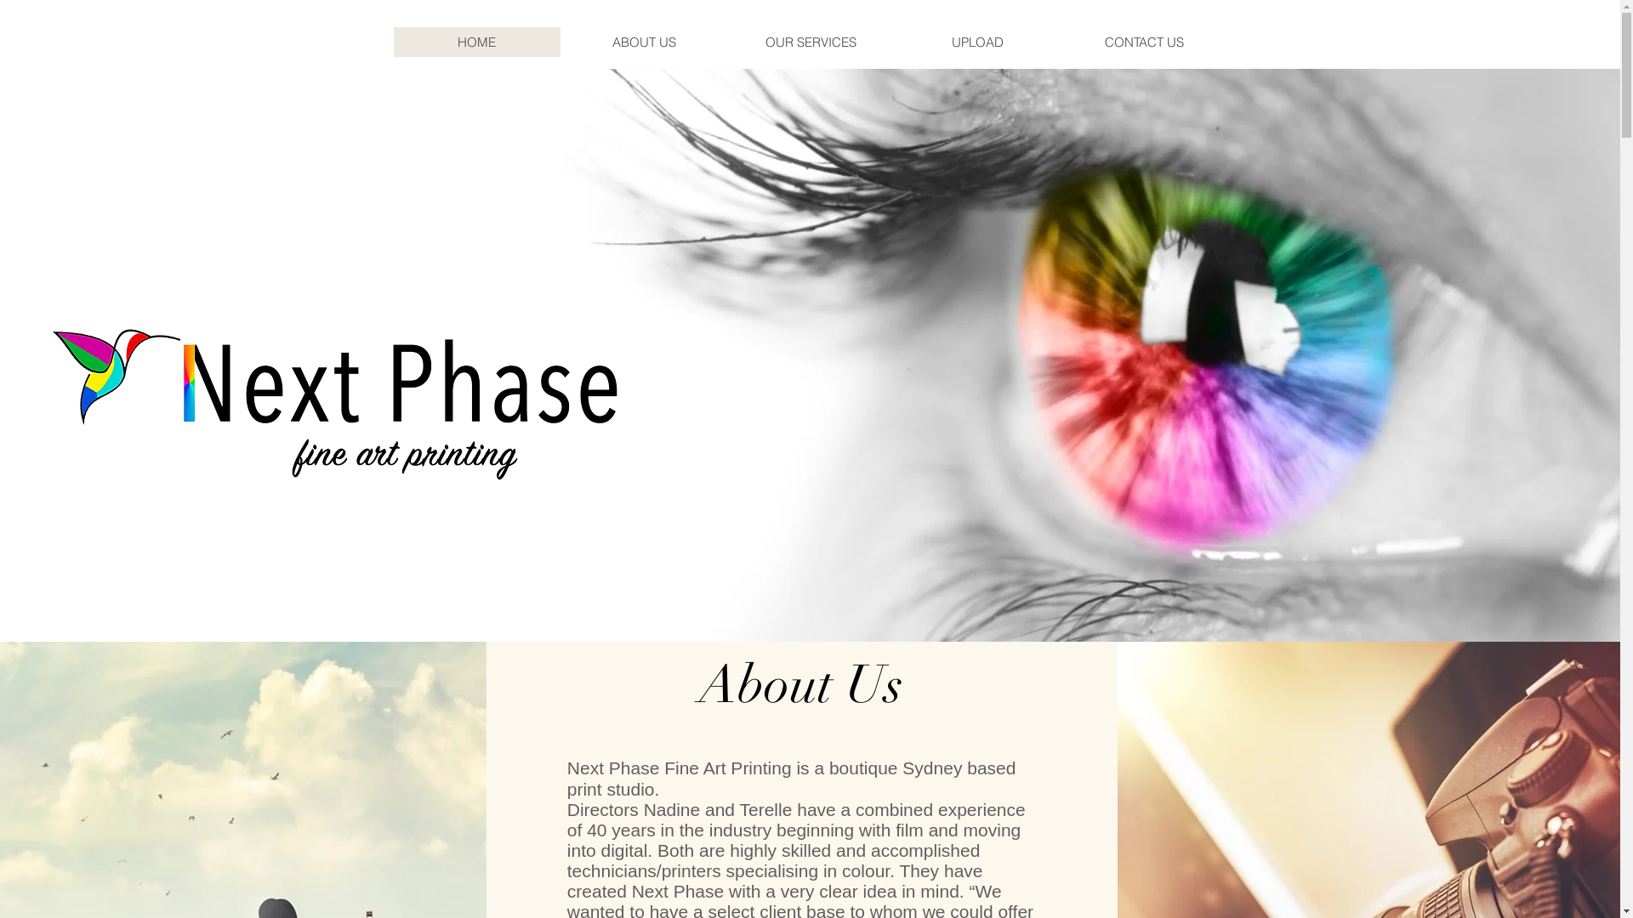 This screenshot has width=1633, height=918. What do you see at coordinates (1143, 41) in the screenshot?
I see `'CONTACT US'` at bounding box center [1143, 41].